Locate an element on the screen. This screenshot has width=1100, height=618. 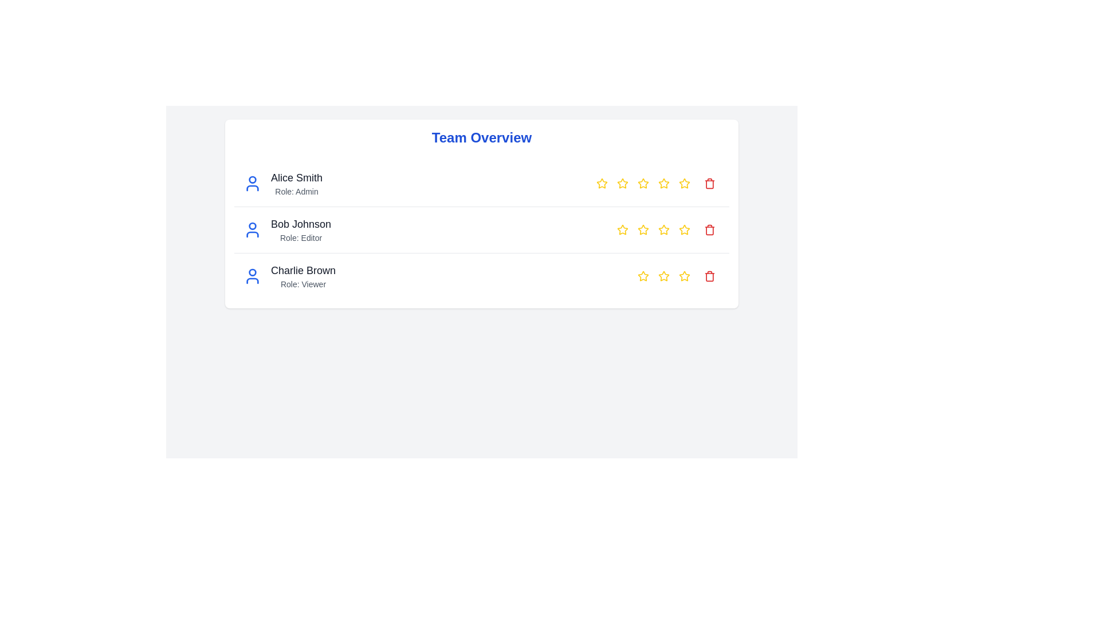
the third star is located at coordinates (643, 183).